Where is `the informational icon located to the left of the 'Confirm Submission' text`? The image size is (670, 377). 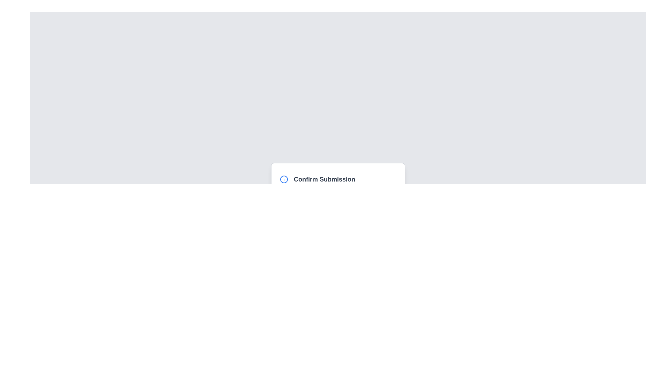
the informational icon located to the left of the 'Confirm Submission' text is located at coordinates (284, 179).